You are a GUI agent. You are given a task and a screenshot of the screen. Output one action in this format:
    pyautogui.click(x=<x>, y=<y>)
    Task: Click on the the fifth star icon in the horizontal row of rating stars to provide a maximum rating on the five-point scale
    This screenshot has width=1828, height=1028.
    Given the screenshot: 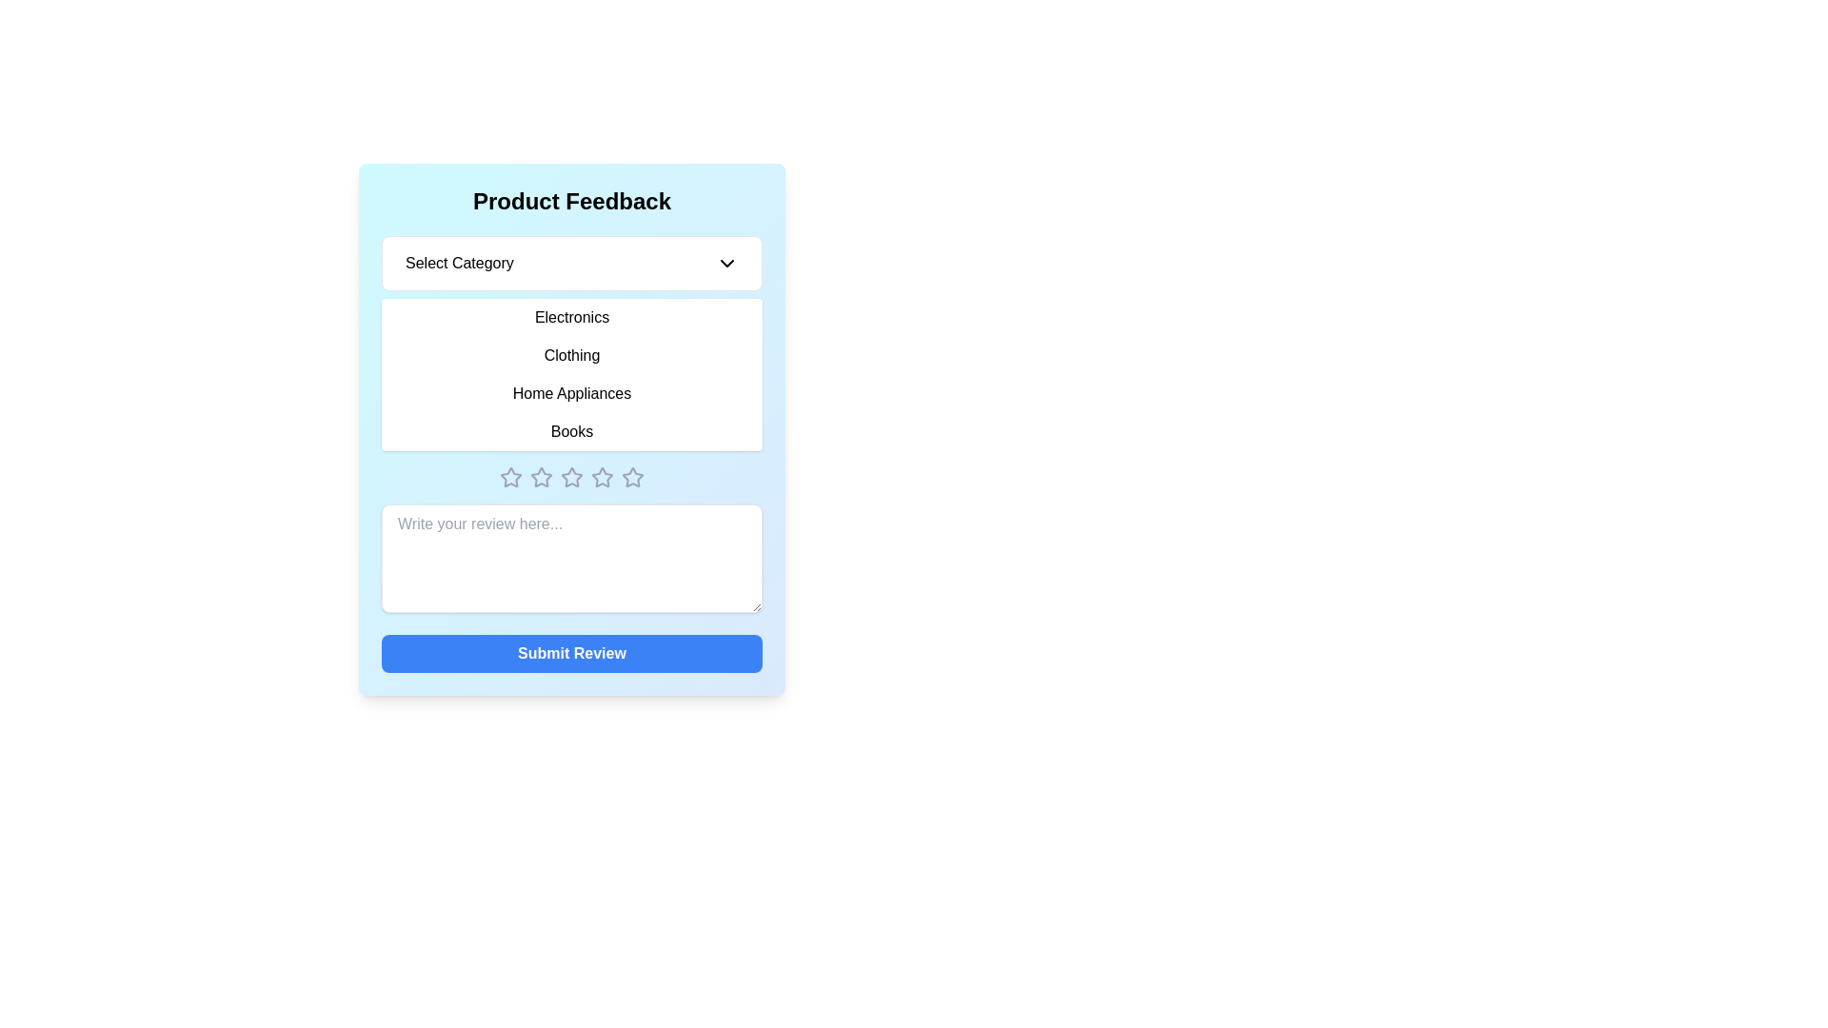 What is the action you would take?
    pyautogui.click(x=633, y=476)
    